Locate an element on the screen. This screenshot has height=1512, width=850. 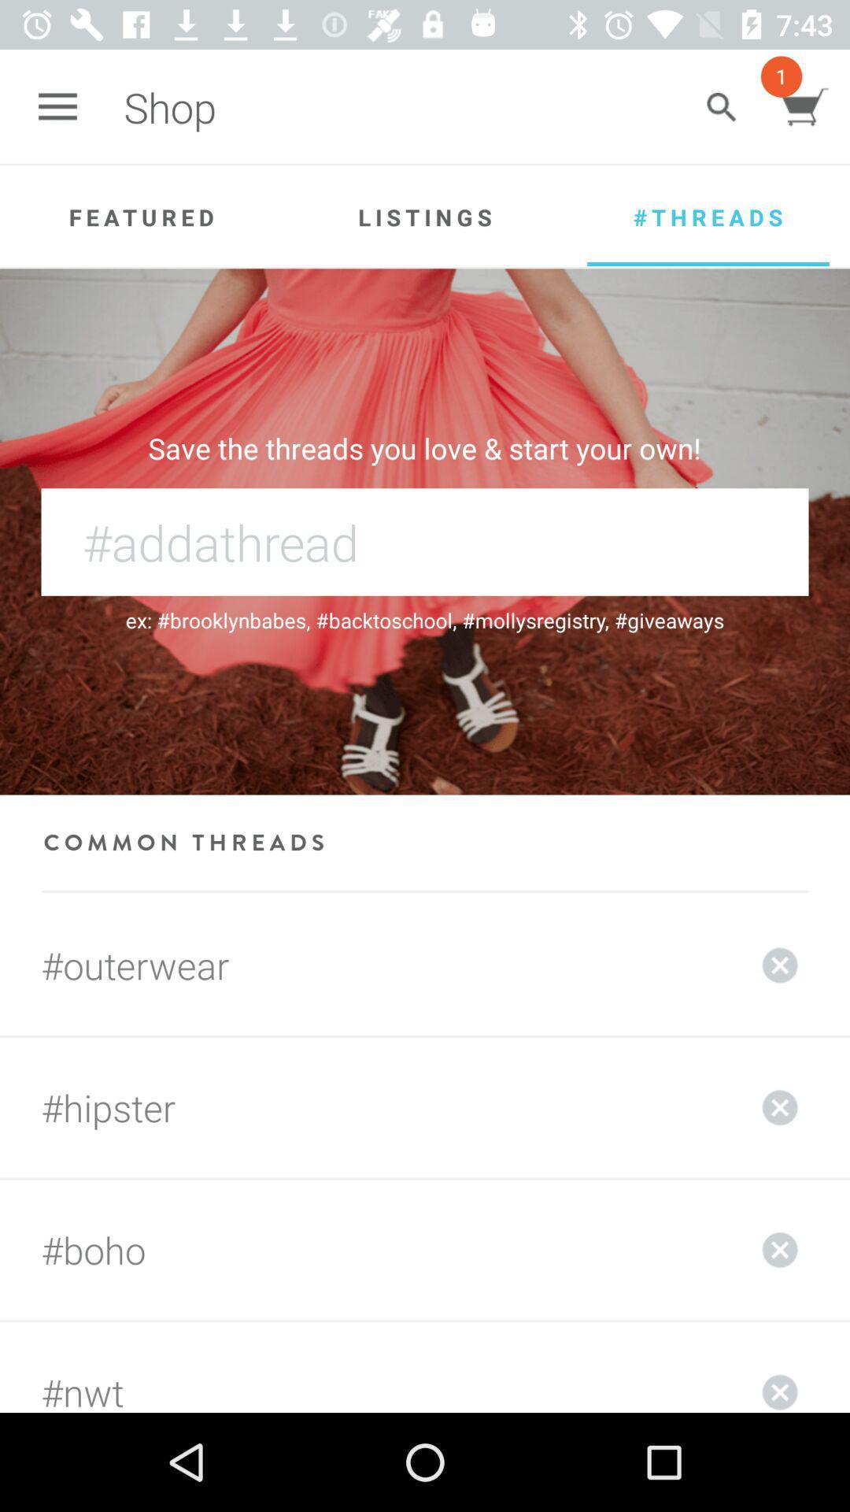
search icon is located at coordinates (721, 106).